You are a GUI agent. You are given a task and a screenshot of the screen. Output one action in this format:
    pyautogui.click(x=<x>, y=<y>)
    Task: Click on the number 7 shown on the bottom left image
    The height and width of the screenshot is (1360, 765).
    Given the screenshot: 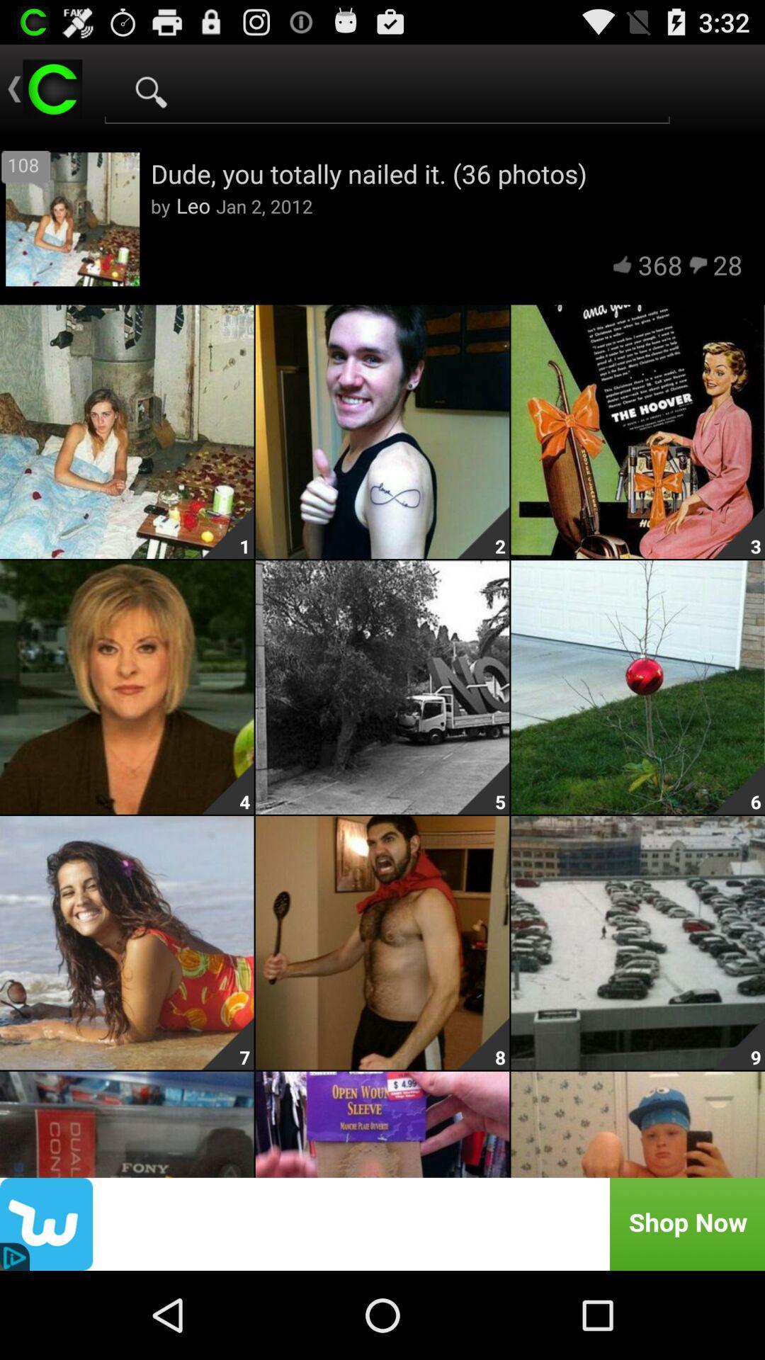 What is the action you would take?
    pyautogui.click(x=227, y=1043)
    